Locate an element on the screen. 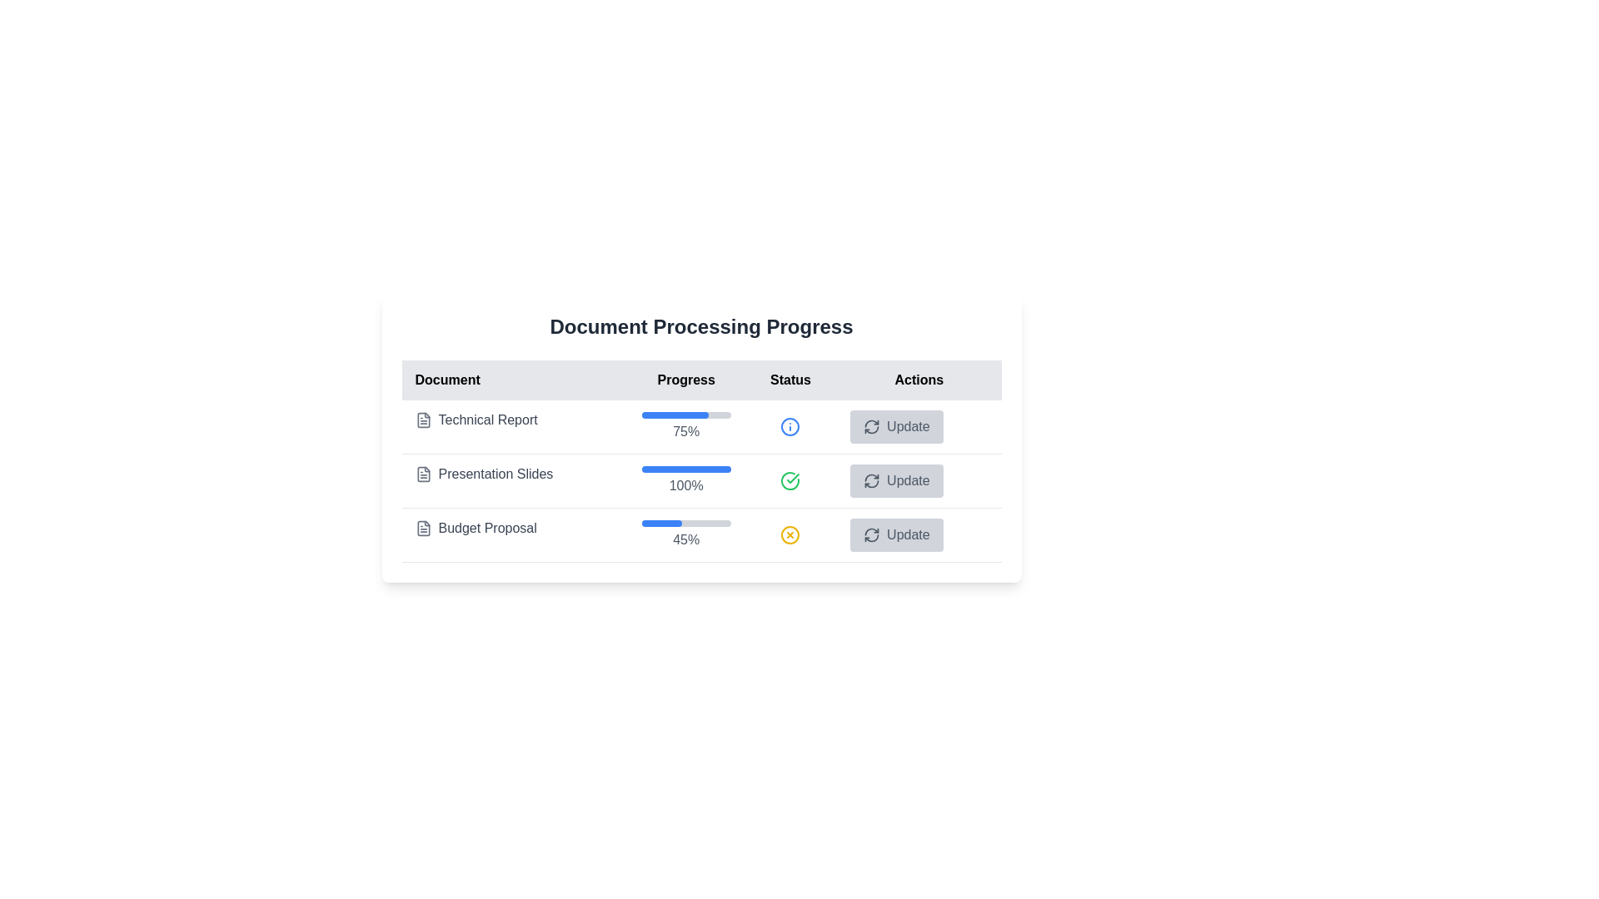 The image size is (1599, 899). the checkmark icon in the 'Status' column under 'Presentation Slides' to analyze its visual status is located at coordinates (790, 481).